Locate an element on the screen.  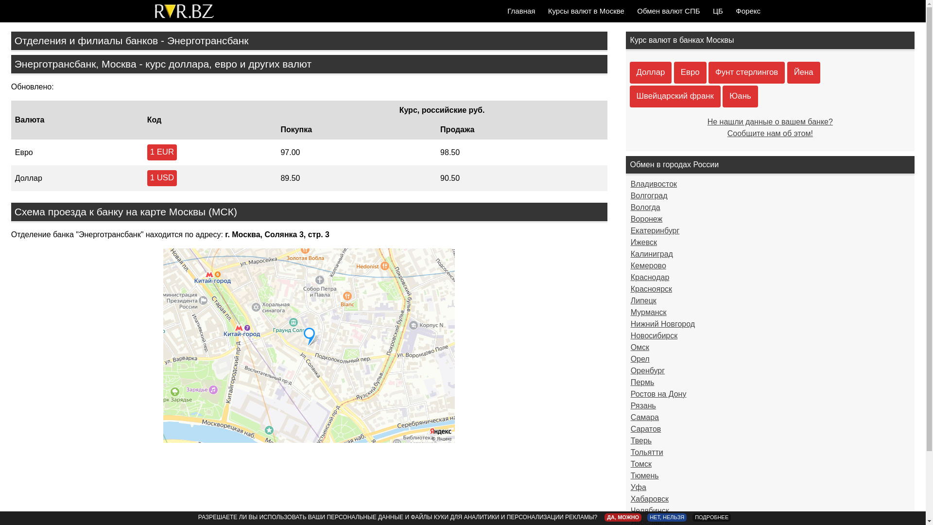
'1 EUR' is located at coordinates (146, 152).